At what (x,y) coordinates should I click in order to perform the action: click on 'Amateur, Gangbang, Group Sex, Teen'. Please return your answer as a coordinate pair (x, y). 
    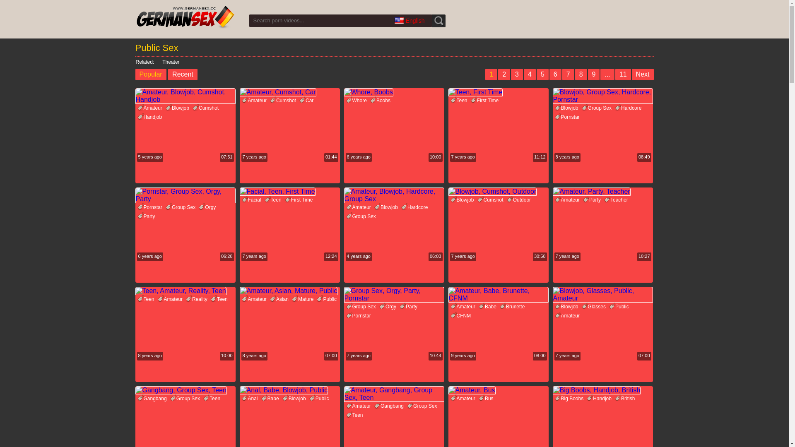
    Looking at the image, I should click on (344, 394).